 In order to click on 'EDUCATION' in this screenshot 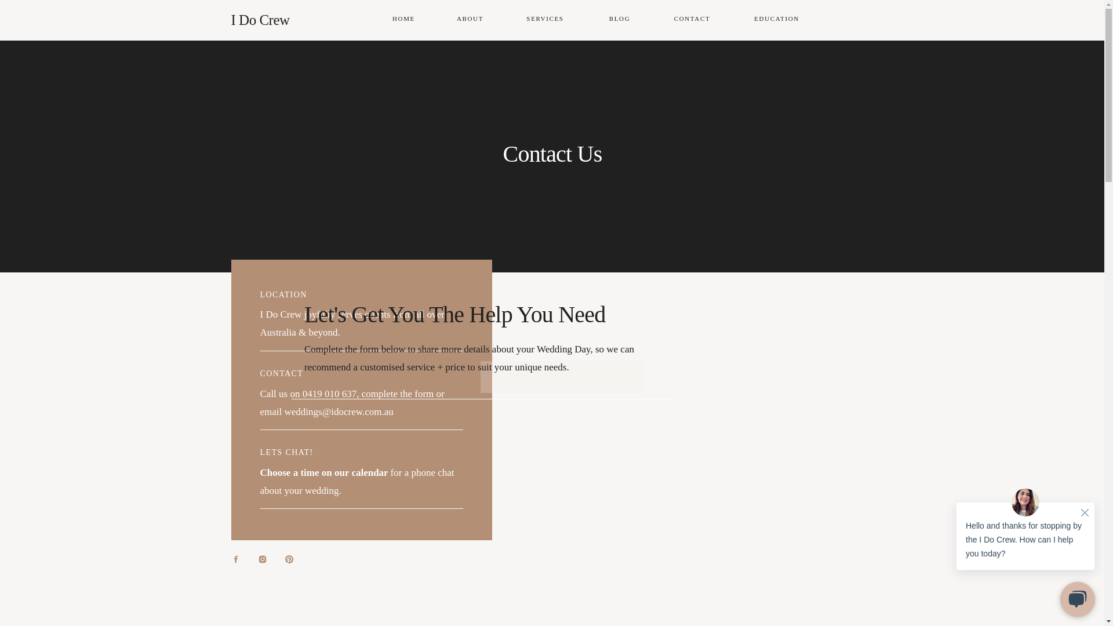, I will do `click(777, 20)`.